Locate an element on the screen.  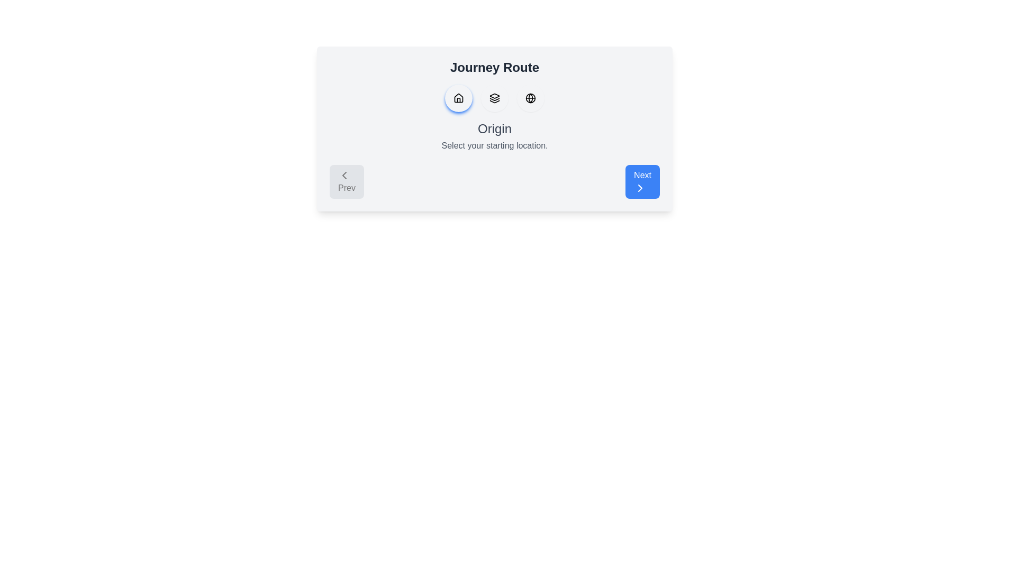
the instruction text that indicates the need for selecting a starting location for a journey, positioned directly below the 'Origin' heading is located at coordinates (494, 146).